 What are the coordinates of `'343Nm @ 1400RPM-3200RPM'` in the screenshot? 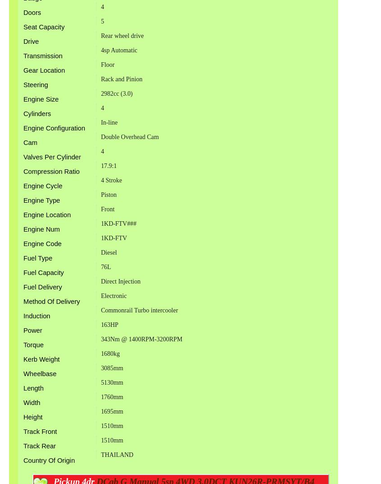 It's located at (141, 339).